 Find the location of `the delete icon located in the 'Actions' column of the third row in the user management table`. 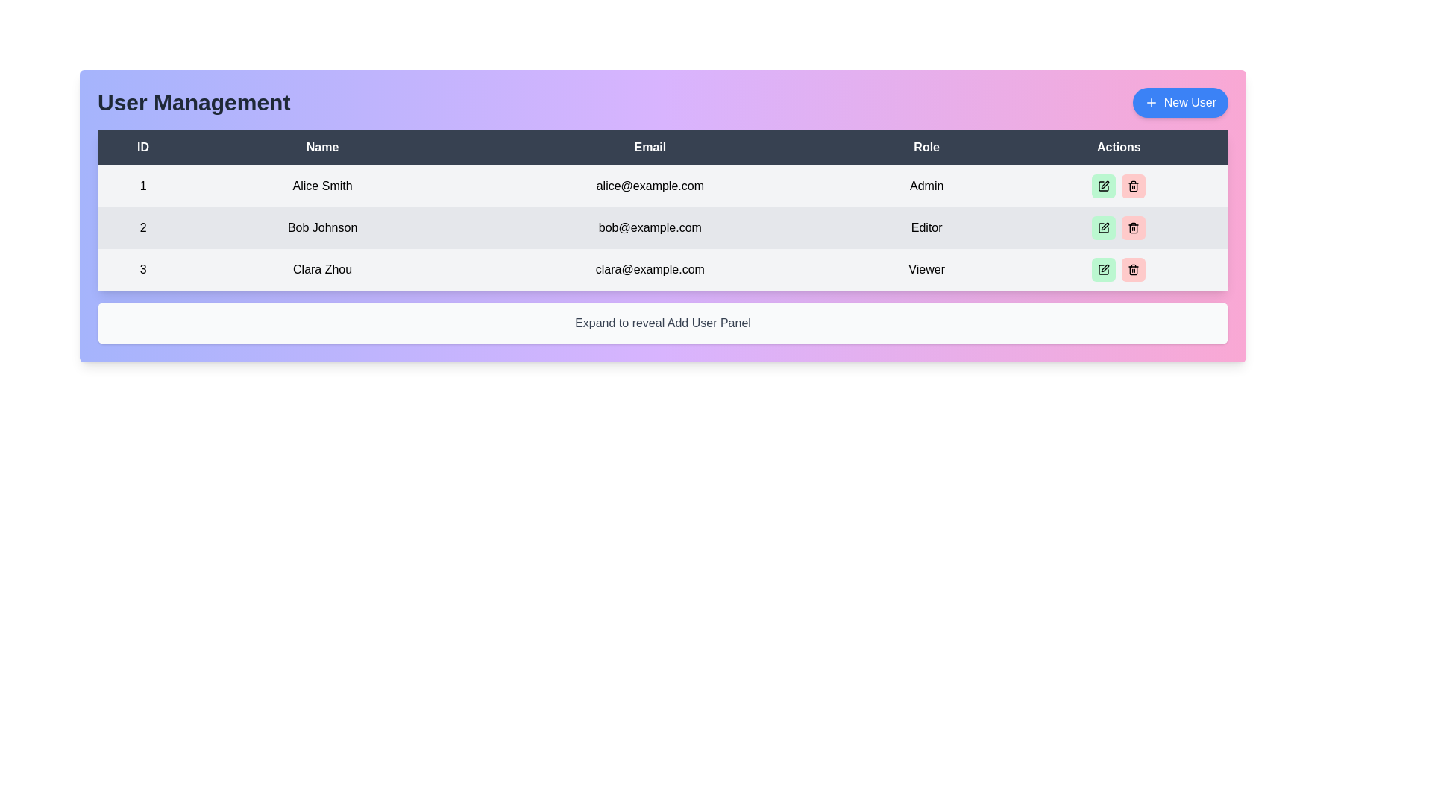

the delete icon located in the 'Actions' column of the third row in the user management table is located at coordinates (1134, 270).